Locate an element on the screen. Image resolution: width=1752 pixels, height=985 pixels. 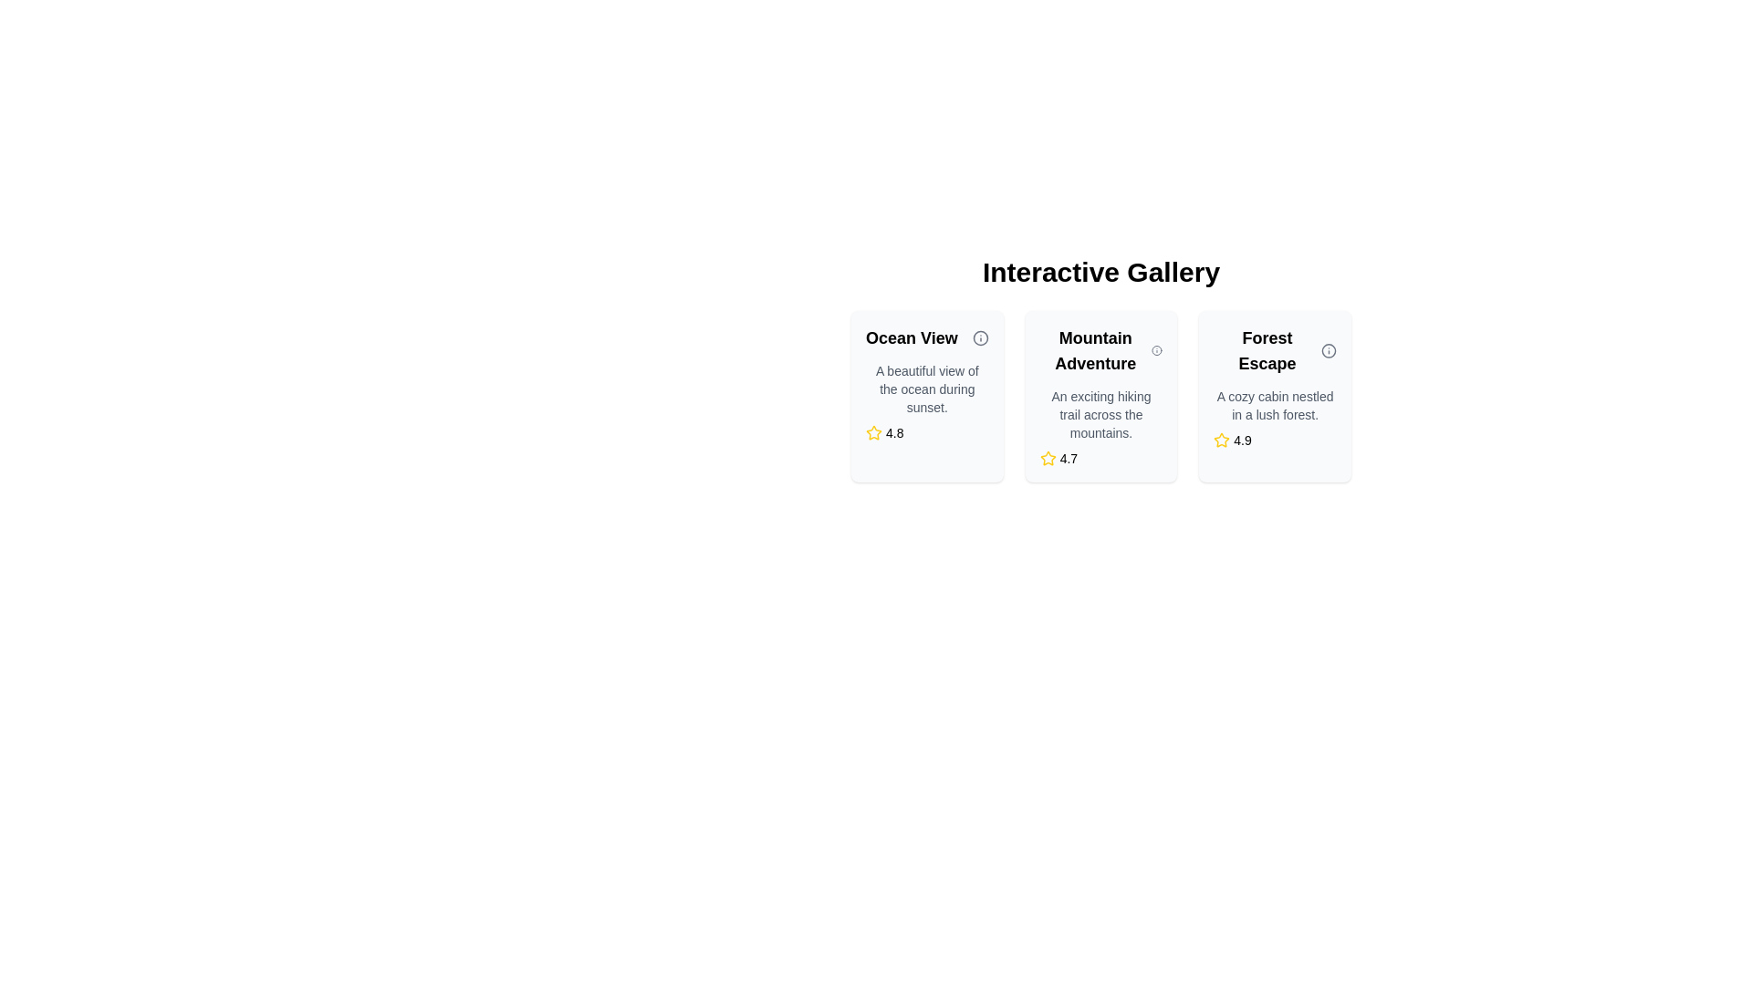
the static star rating indicator icon, which is yellow and visually prominent, located in the 'Forest Escape' card below the title and description is located at coordinates (1222, 440).